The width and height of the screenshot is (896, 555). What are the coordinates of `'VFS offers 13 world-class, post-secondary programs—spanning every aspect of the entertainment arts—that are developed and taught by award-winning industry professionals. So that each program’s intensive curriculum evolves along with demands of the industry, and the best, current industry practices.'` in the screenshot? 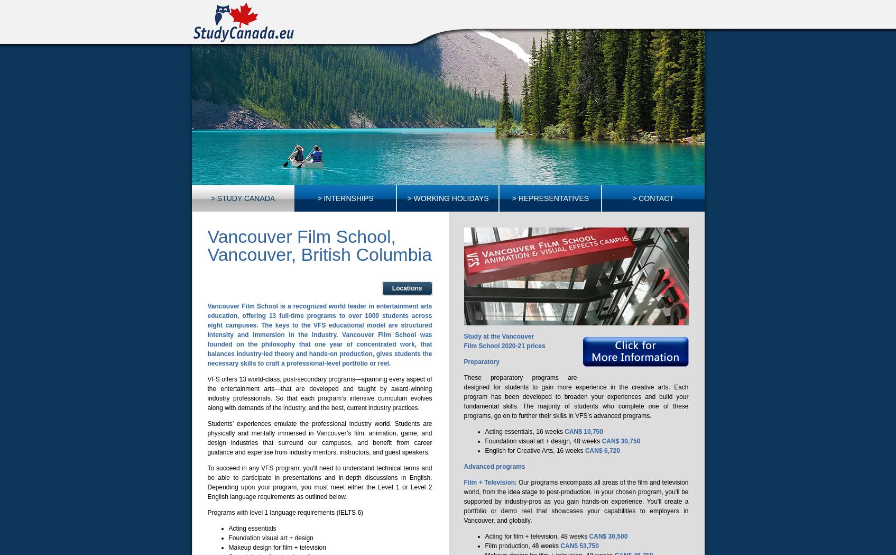 It's located at (319, 393).